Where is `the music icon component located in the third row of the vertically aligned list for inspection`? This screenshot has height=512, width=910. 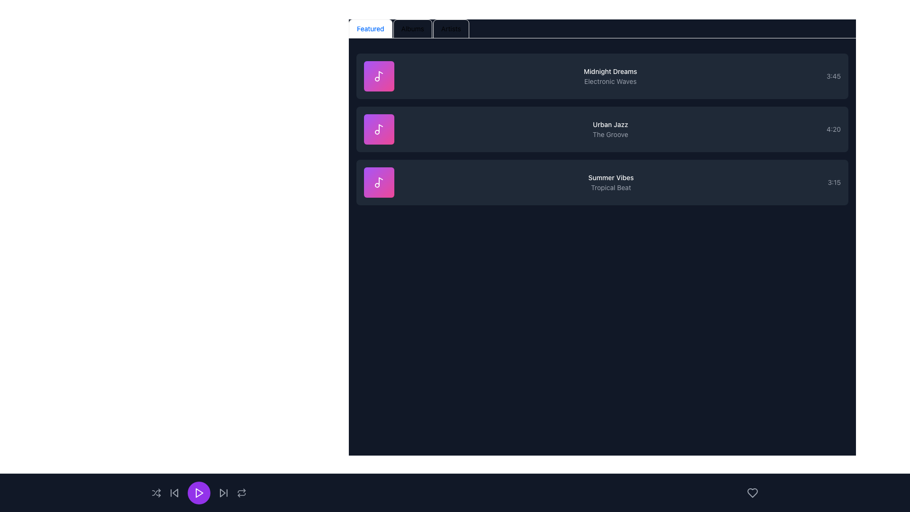
the music icon component located in the third row of the vertically aligned list for inspection is located at coordinates (379, 183).